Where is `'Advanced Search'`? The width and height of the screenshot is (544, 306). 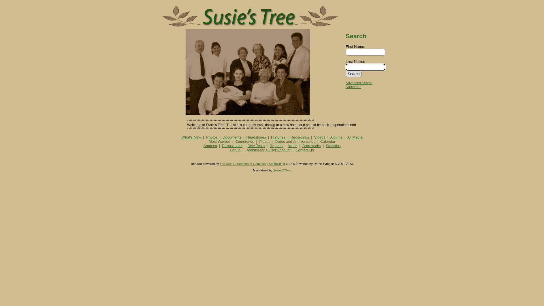 'Advanced Search' is located at coordinates (359, 83).